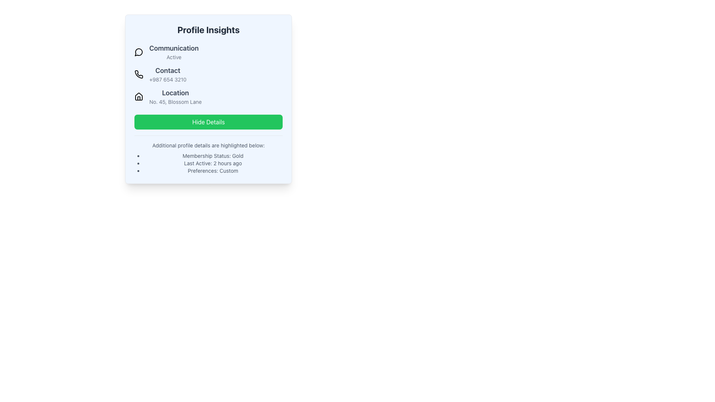  I want to click on the text label displaying 'Location' which is styled in bold gray font on a light blue background, located below the 'Contact' section, so click(175, 93).